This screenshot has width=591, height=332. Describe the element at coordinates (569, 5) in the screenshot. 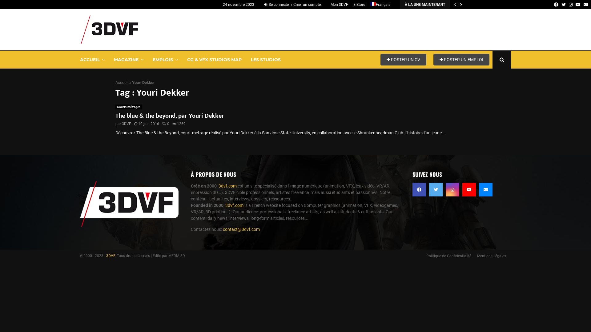

I see `'Instagram'` at that location.